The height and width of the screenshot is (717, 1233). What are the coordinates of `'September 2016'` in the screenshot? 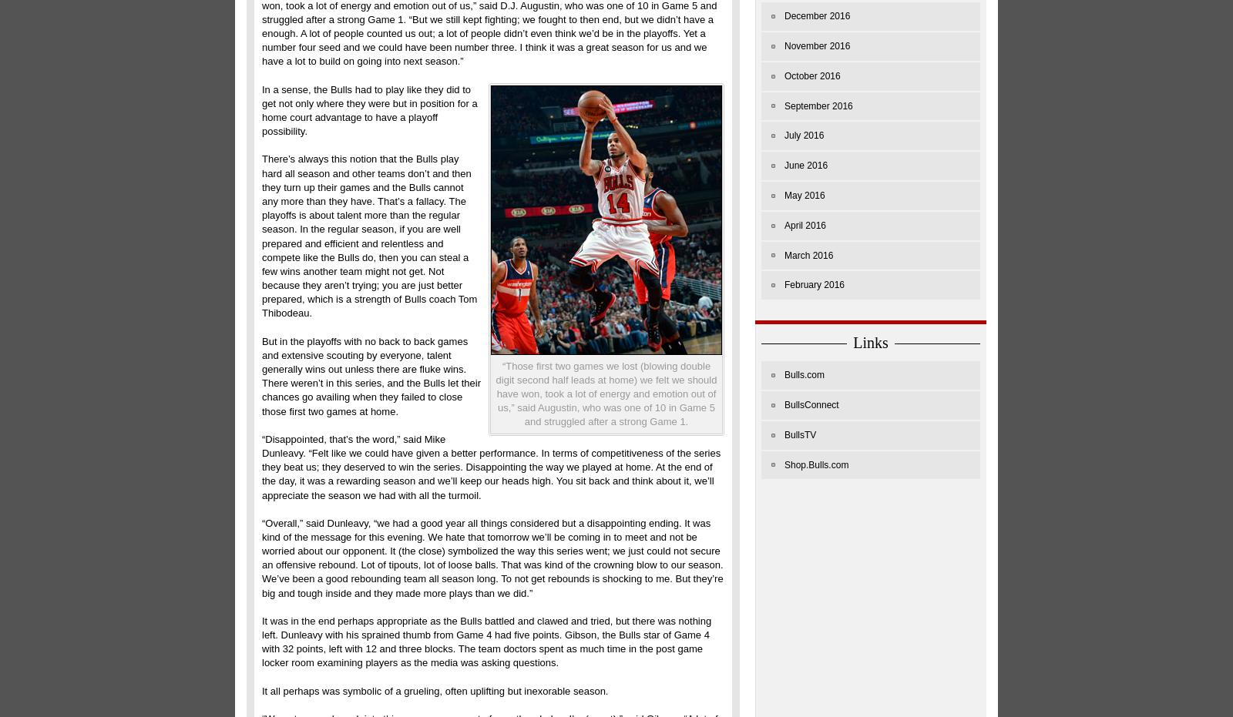 It's located at (818, 105).